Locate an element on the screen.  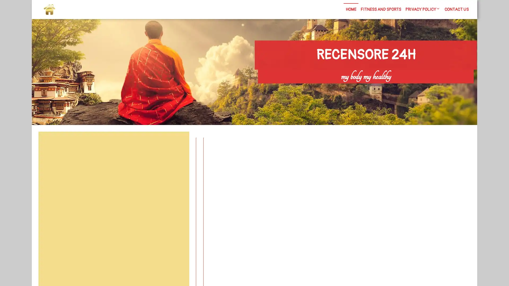
Search is located at coordinates (177, 144).